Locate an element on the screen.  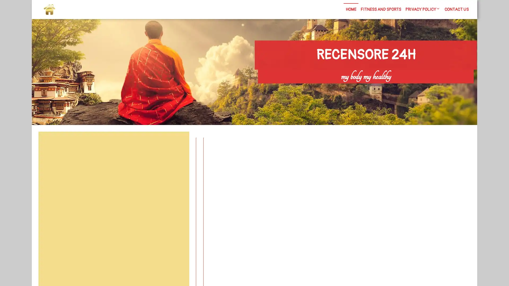
Search is located at coordinates (177, 144).